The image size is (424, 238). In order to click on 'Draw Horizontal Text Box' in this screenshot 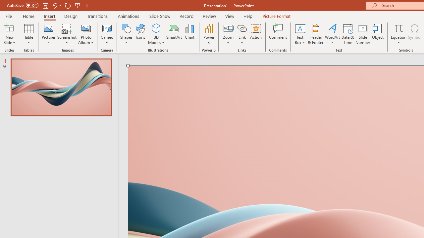, I will do `click(299, 28)`.